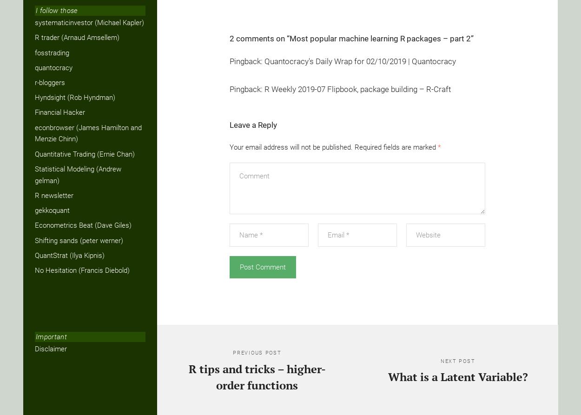 This screenshot has width=581, height=415. I want to click on 'Hyndsight (Rob Hyndman)', so click(75, 97).